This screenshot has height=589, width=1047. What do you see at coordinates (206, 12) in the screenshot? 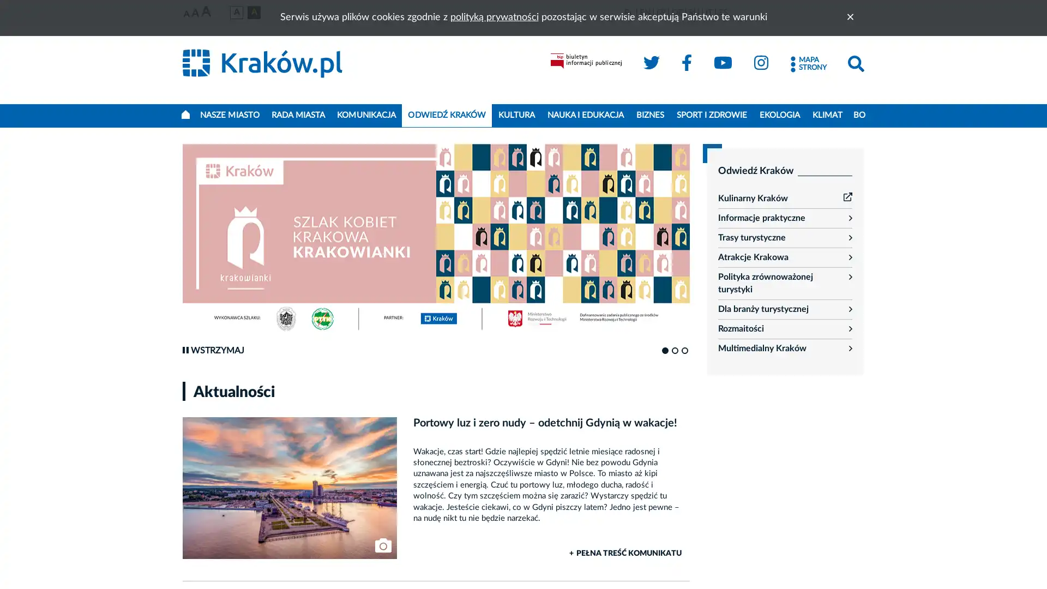
I see `Najwieksza czcionka` at bounding box center [206, 12].